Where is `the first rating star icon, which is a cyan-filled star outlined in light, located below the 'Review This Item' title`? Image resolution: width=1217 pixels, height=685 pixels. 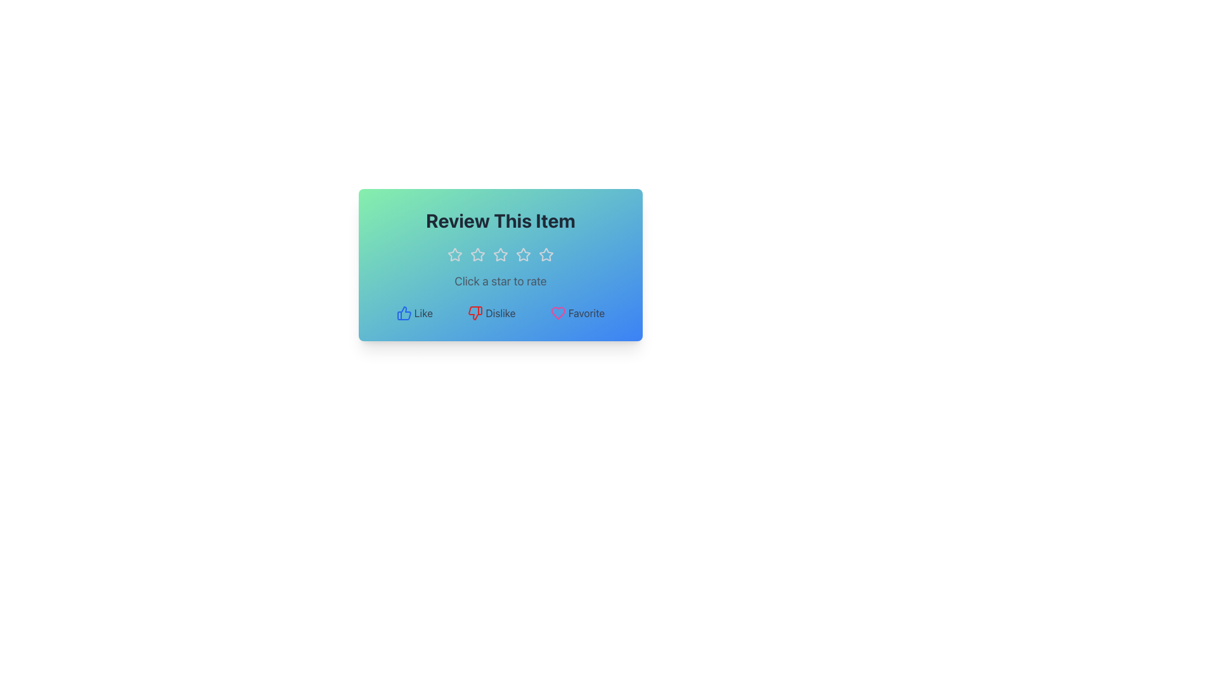
the first rating star icon, which is a cyan-filled star outlined in light, located below the 'Review This Item' title is located at coordinates (455, 254).